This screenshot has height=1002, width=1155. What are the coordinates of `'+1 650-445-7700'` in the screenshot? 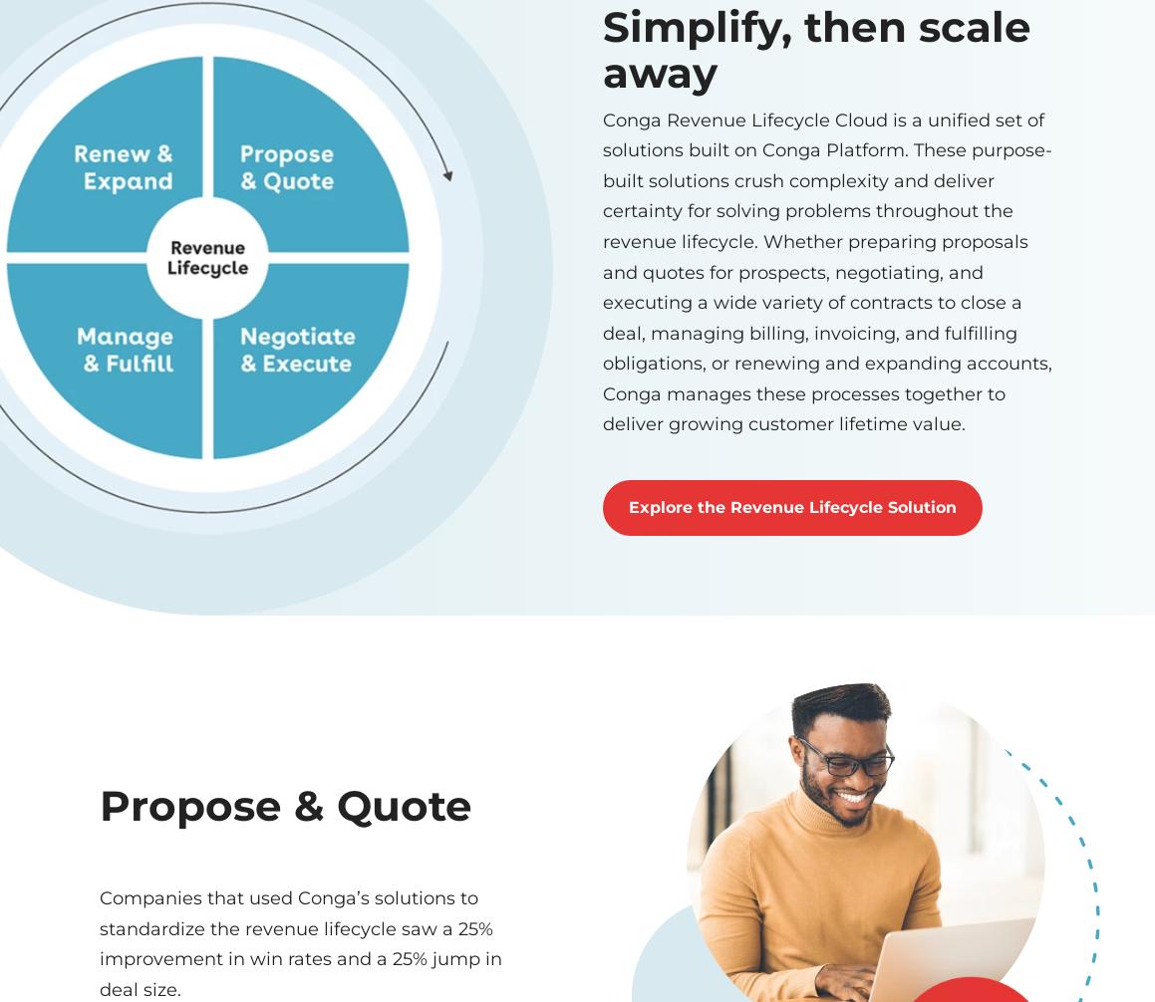 It's located at (236, 319).